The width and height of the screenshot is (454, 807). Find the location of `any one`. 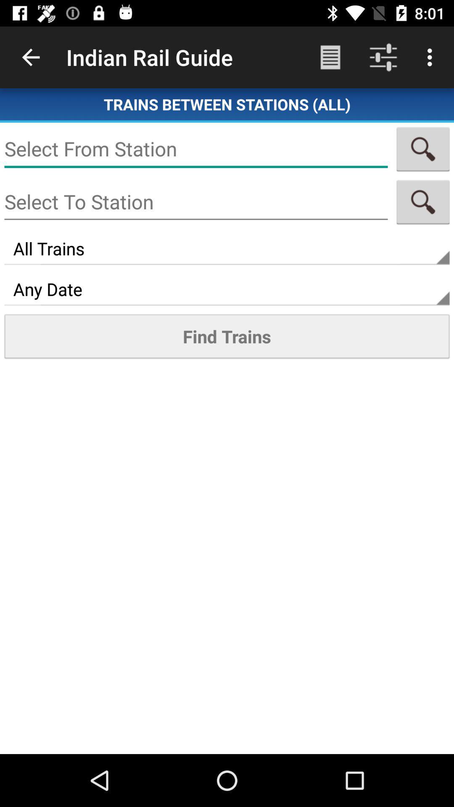

any one is located at coordinates (423, 202).